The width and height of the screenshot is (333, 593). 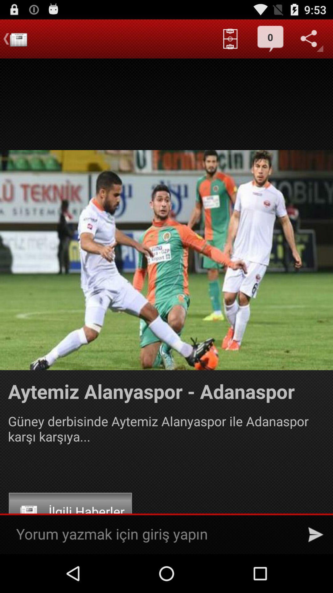 I want to click on the icon at the bottom right corner, so click(x=316, y=534).